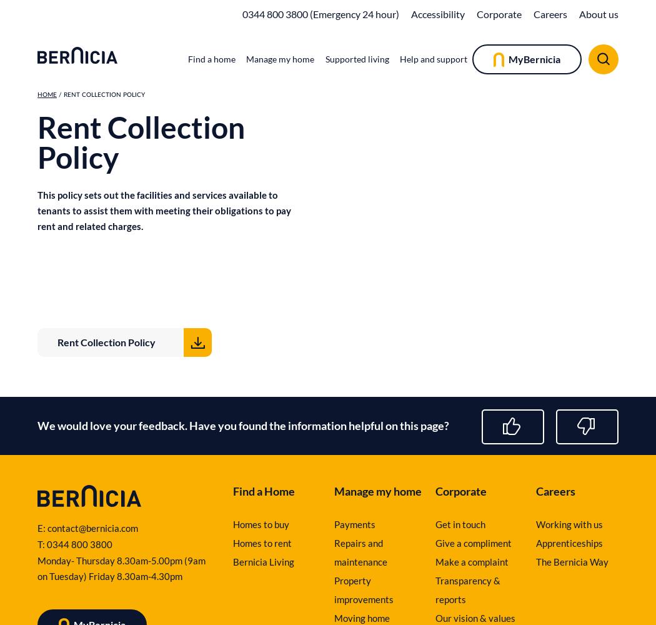 The width and height of the screenshot is (656, 625). What do you see at coordinates (569, 524) in the screenshot?
I see `'Working with us'` at bounding box center [569, 524].